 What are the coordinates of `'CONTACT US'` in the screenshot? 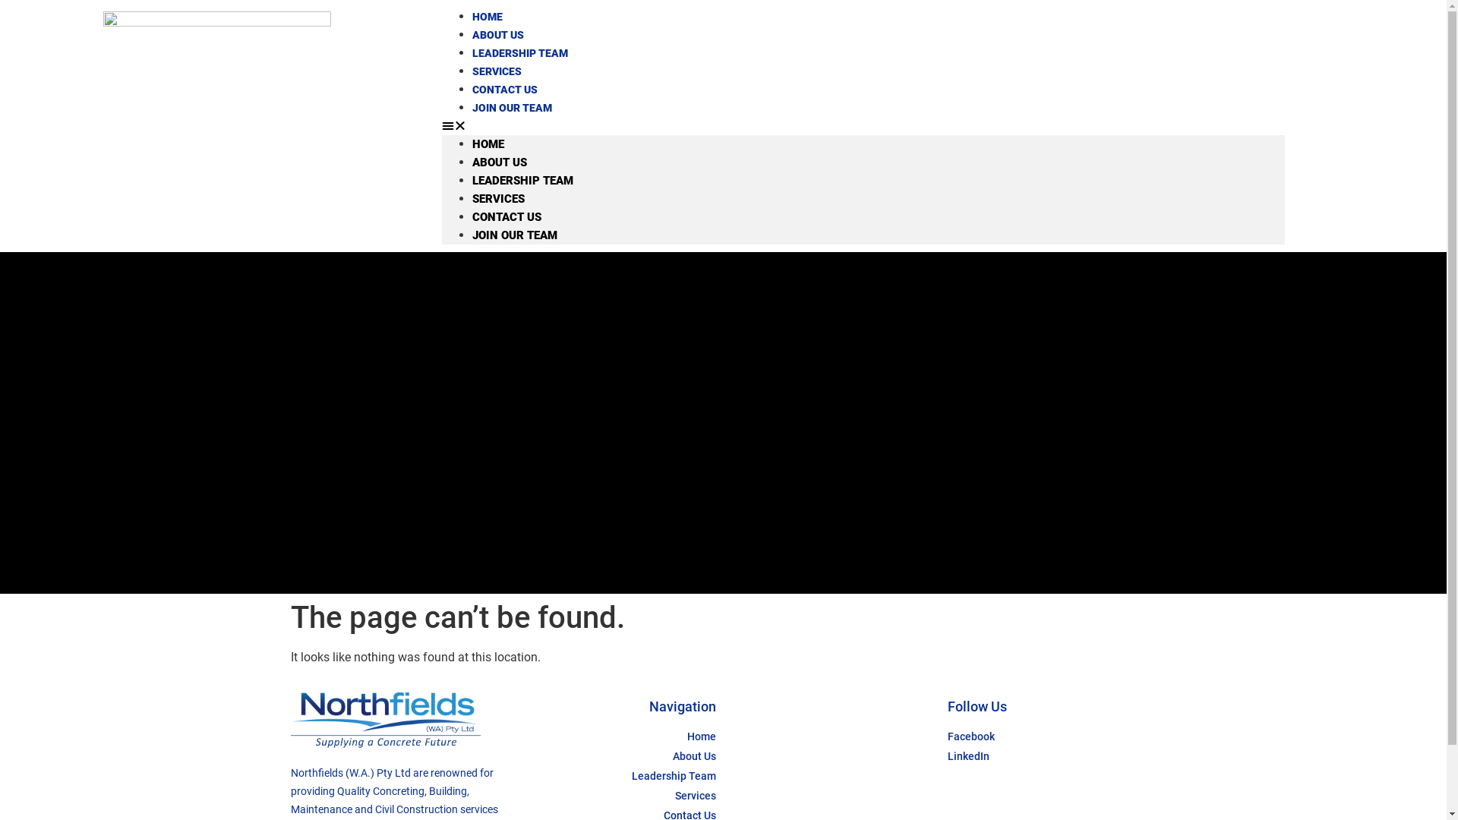 It's located at (505, 90).